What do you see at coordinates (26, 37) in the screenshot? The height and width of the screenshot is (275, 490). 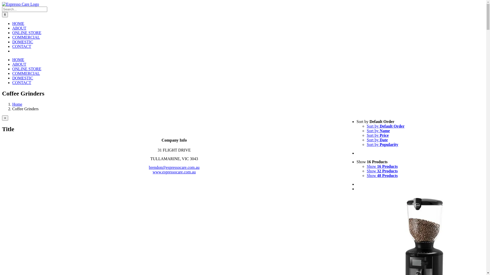 I see `'COMMERCIAL'` at bounding box center [26, 37].